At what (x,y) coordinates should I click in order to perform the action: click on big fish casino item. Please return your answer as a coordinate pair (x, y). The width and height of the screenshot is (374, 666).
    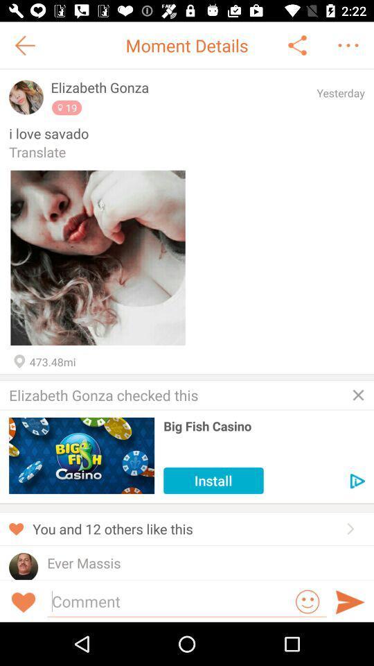
    Looking at the image, I should click on (264, 425).